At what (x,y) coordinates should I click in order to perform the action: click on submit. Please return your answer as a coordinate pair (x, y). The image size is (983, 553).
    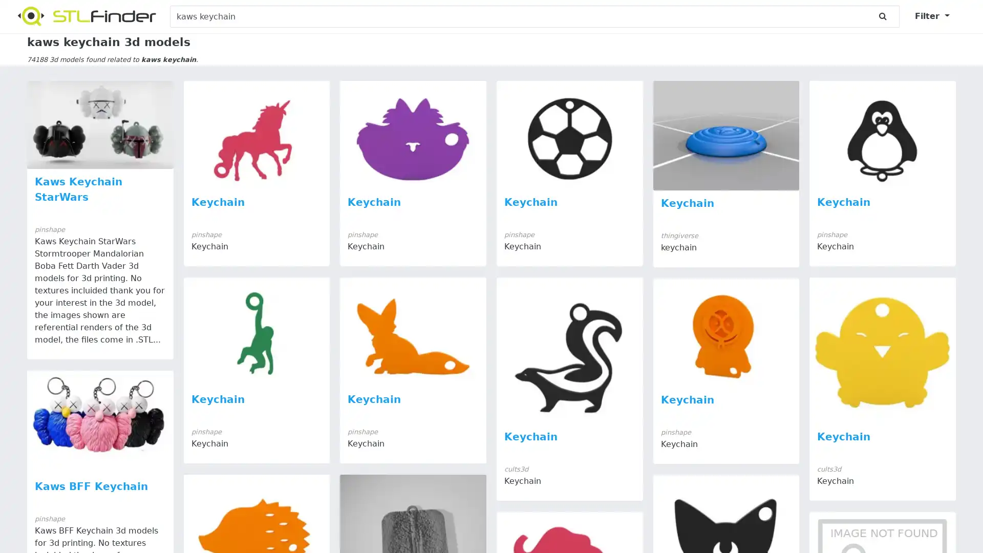
    Looking at the image, I should click on (882, 16).